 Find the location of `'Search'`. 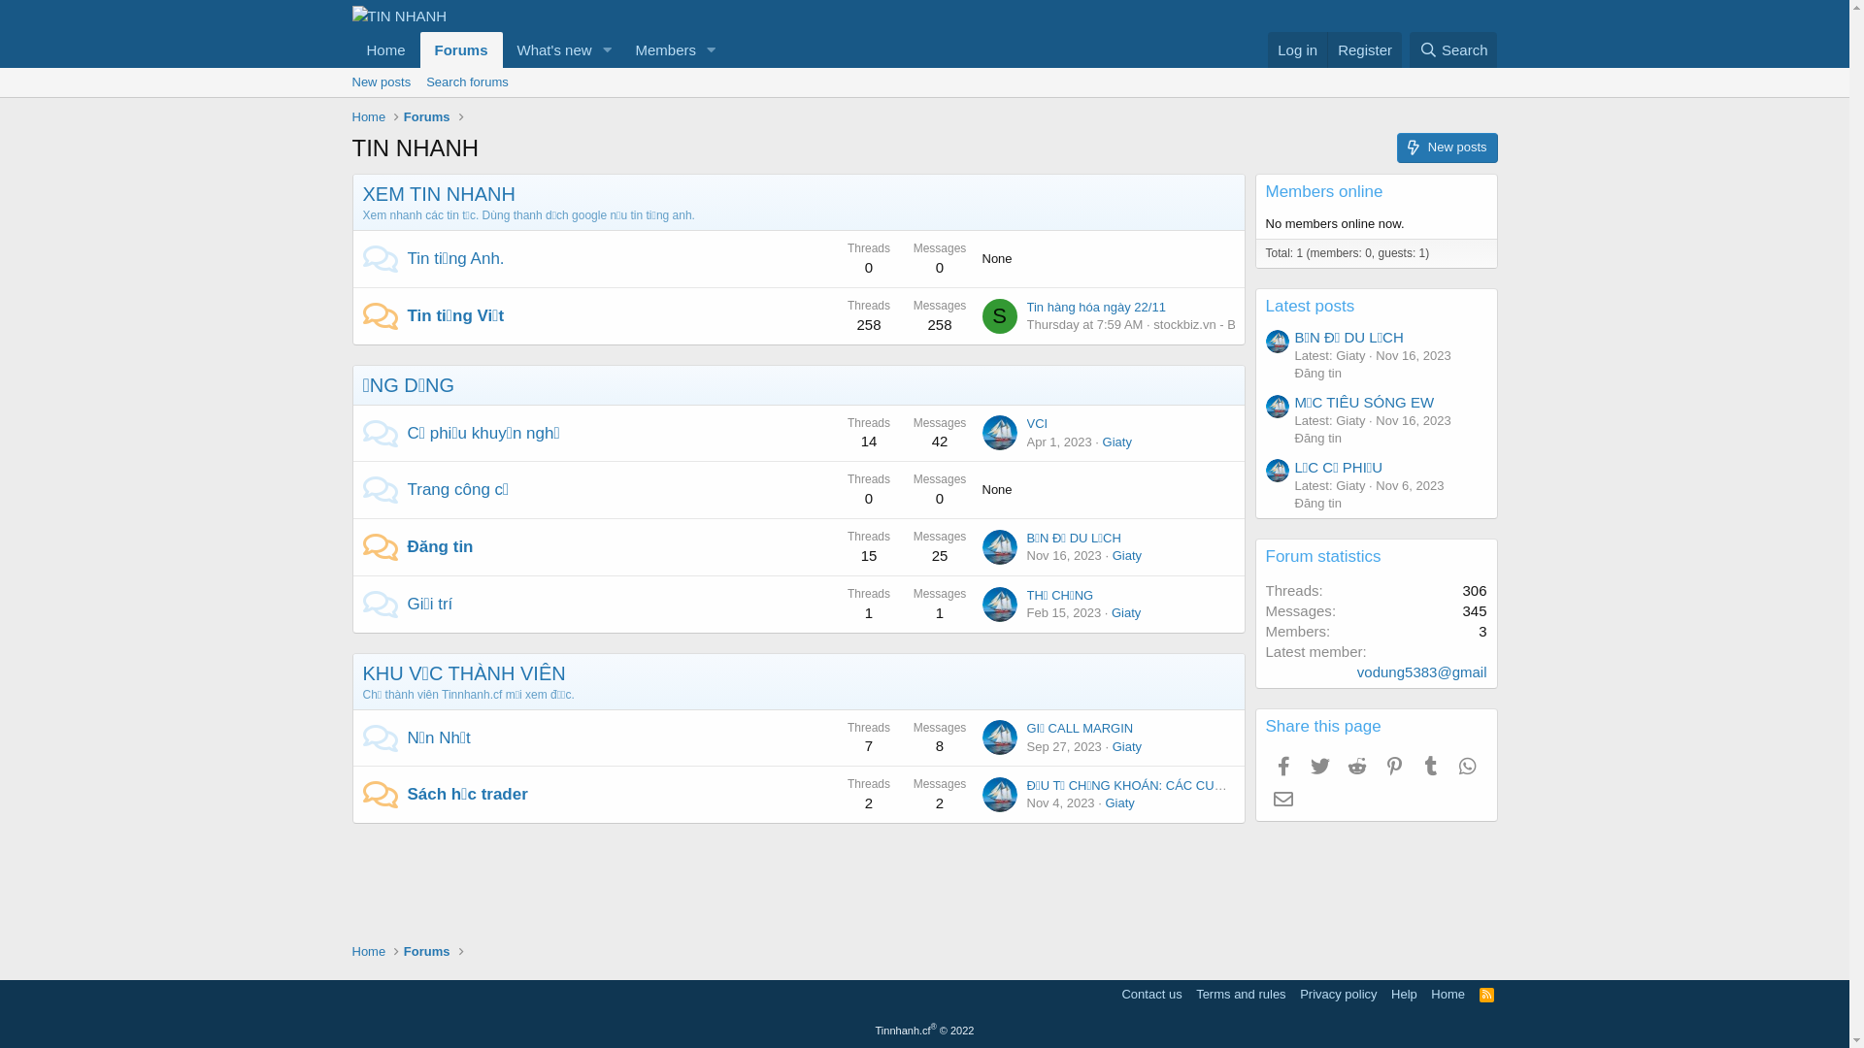

'Search' is located at coordinates (1453, 49).